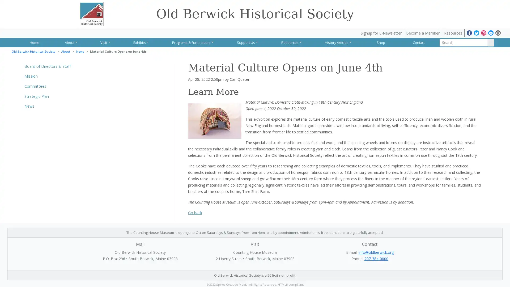  I want to click on Exhibits, so click(140, 42).